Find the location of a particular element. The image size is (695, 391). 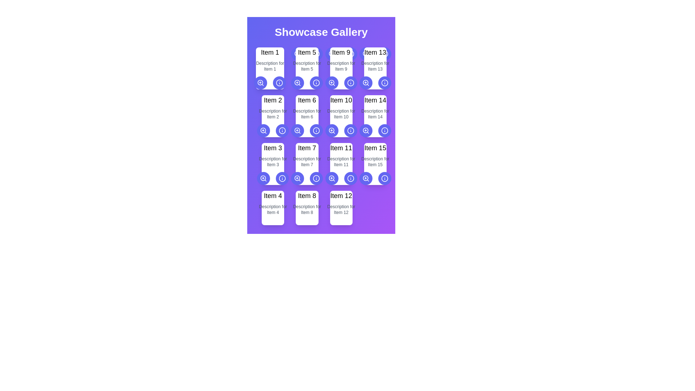

the small circular information icon with a purple background and white 'i' symbol located in the top row, fourth column of the grid layout, under the card labeled 'Item 13' is located at coordinates (279, 82).